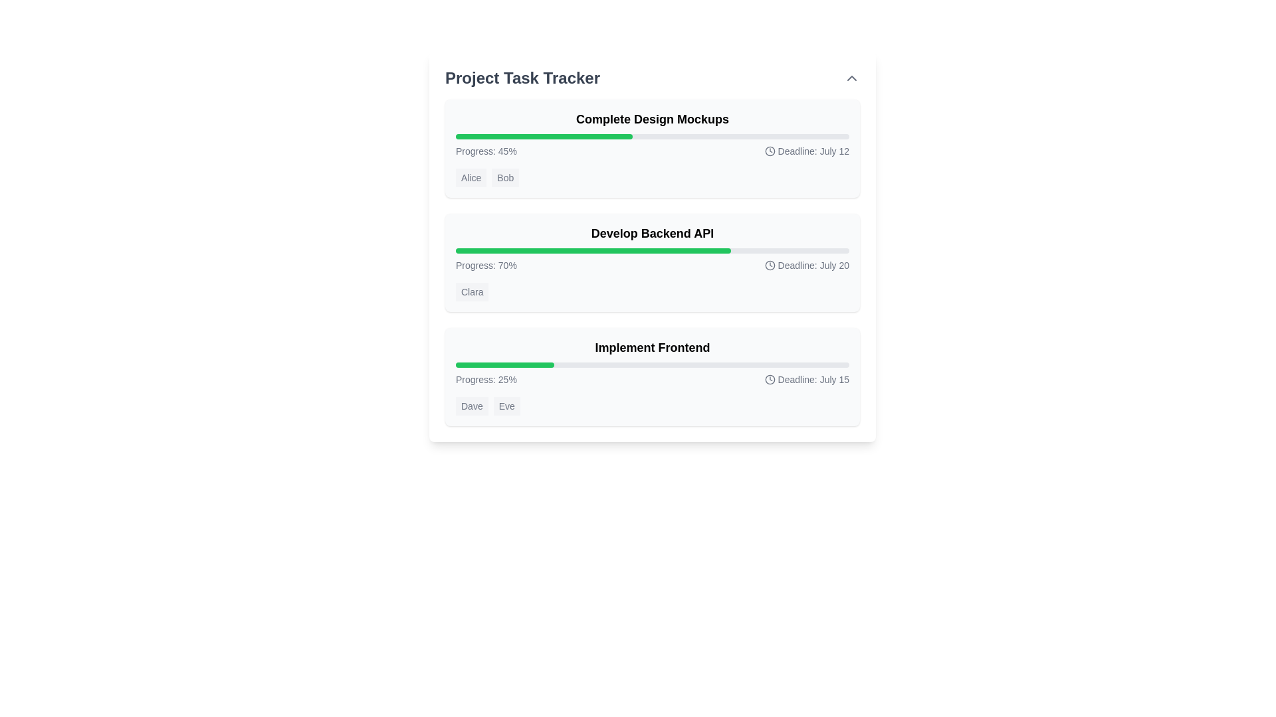 The width and height of the screenshot is (1276, 717). Describe the element at coordinates (653, 251) in the screenshot. I see `the progress visually on the progress bar indicating 70% completion for the 'Develop Backend API' task, located centrally within its card` at that location.